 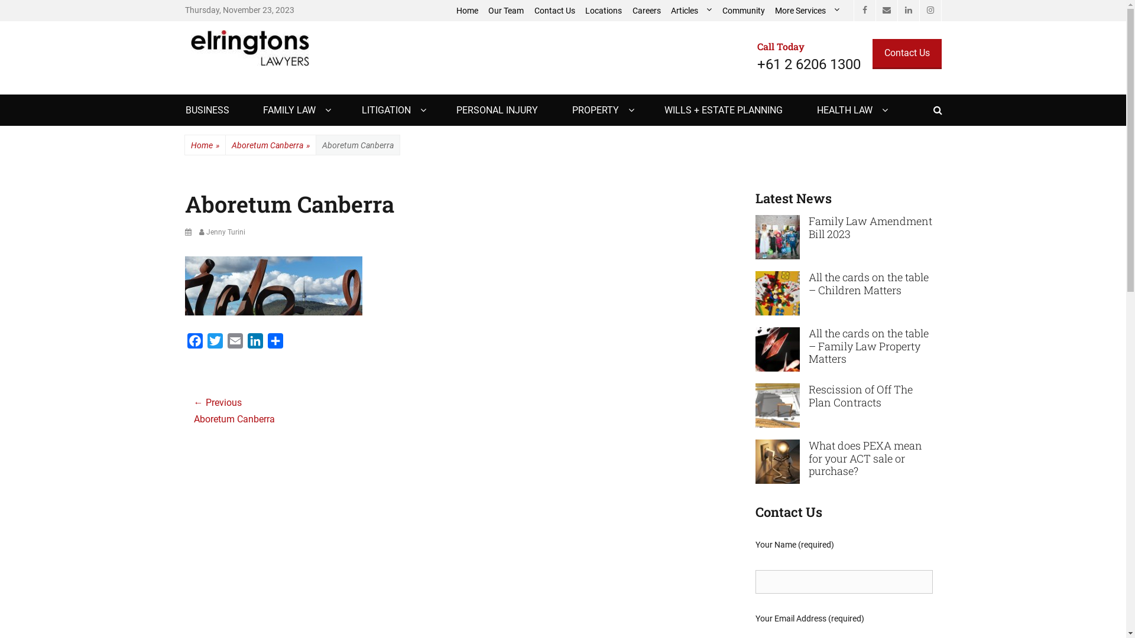 I want to click on 'PERSONAL INJURY', so click(x=497, y=110).